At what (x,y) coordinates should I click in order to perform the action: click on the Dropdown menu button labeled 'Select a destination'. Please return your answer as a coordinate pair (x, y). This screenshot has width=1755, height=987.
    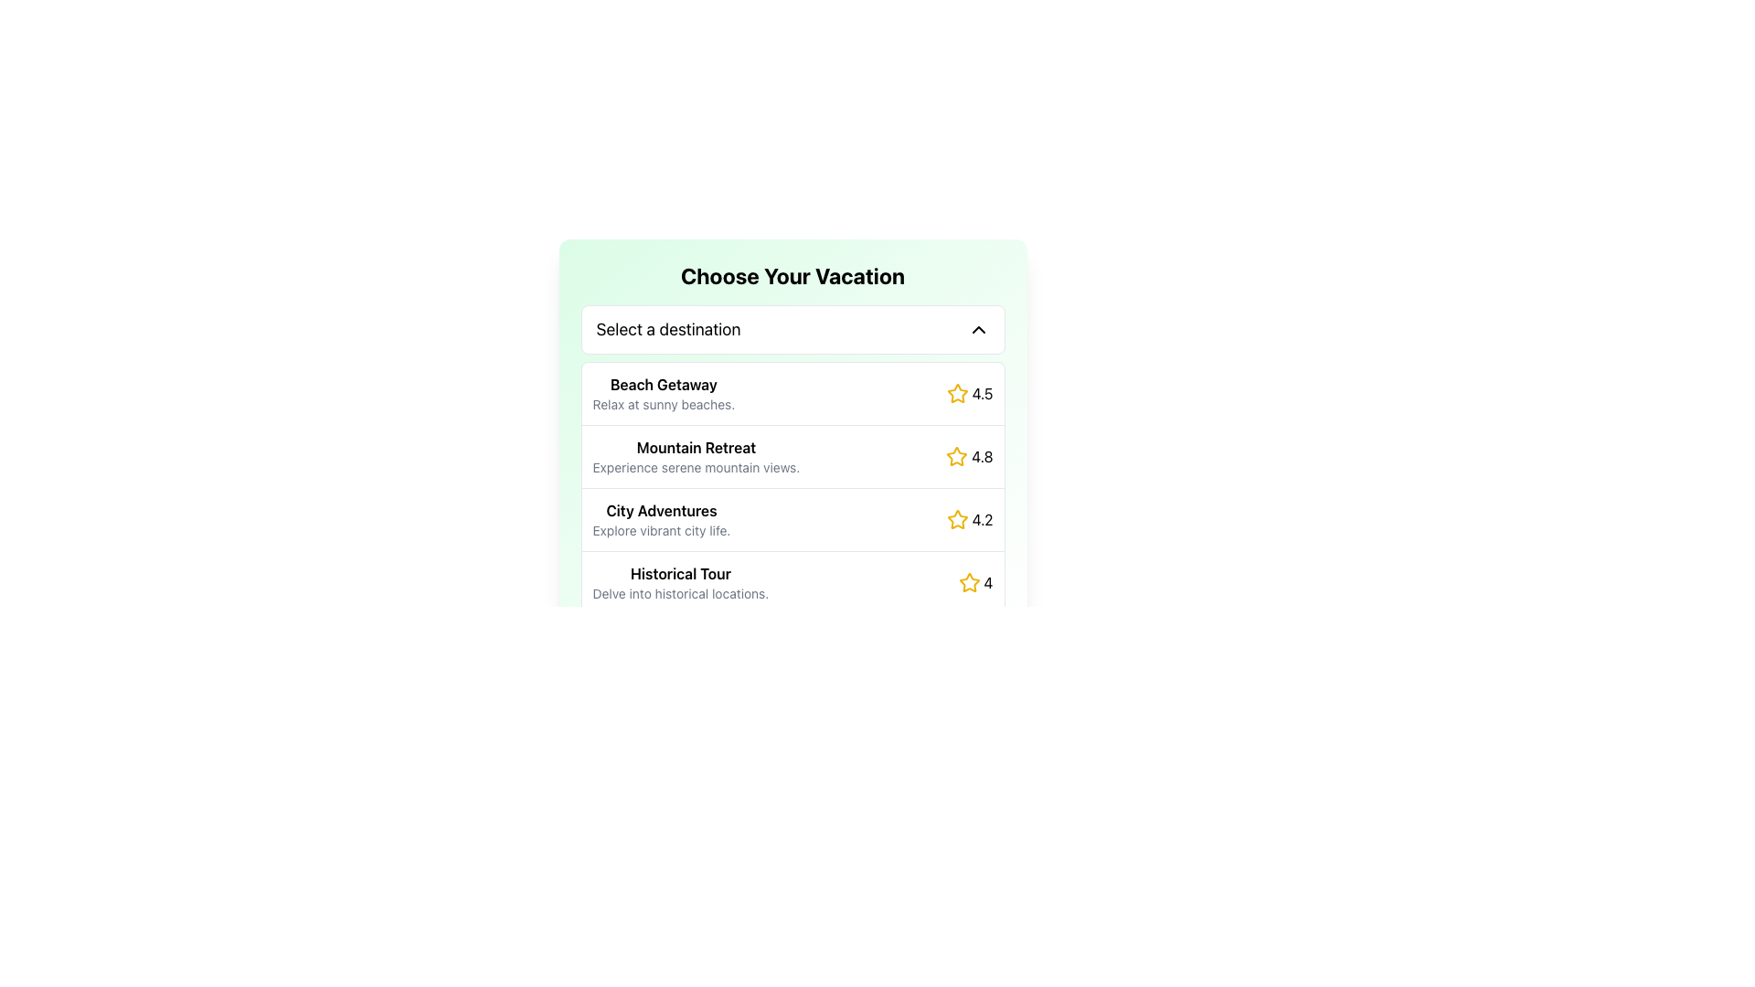
    Looking at the image, I should click on (792, 330).